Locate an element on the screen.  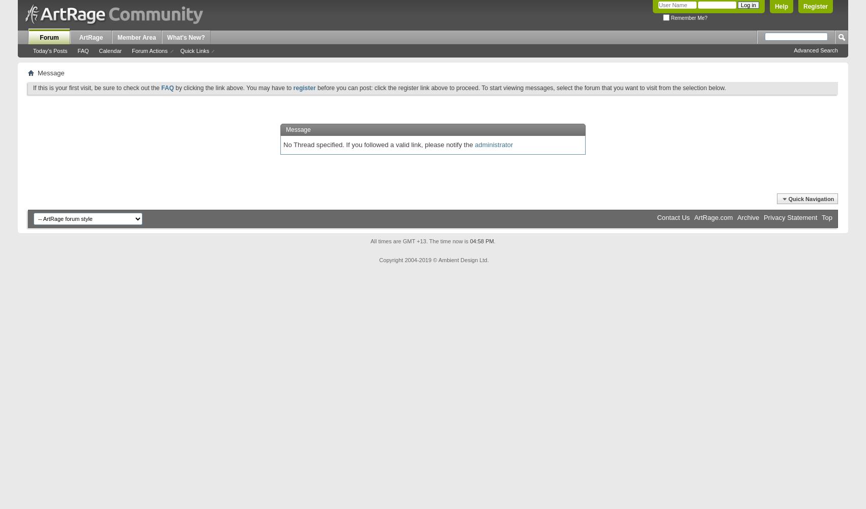
'before you can post: click the register link above to proceed. To start viewing messages,
select the forum that you want to visit from the selection below.' is located at coordinates (520, 88).